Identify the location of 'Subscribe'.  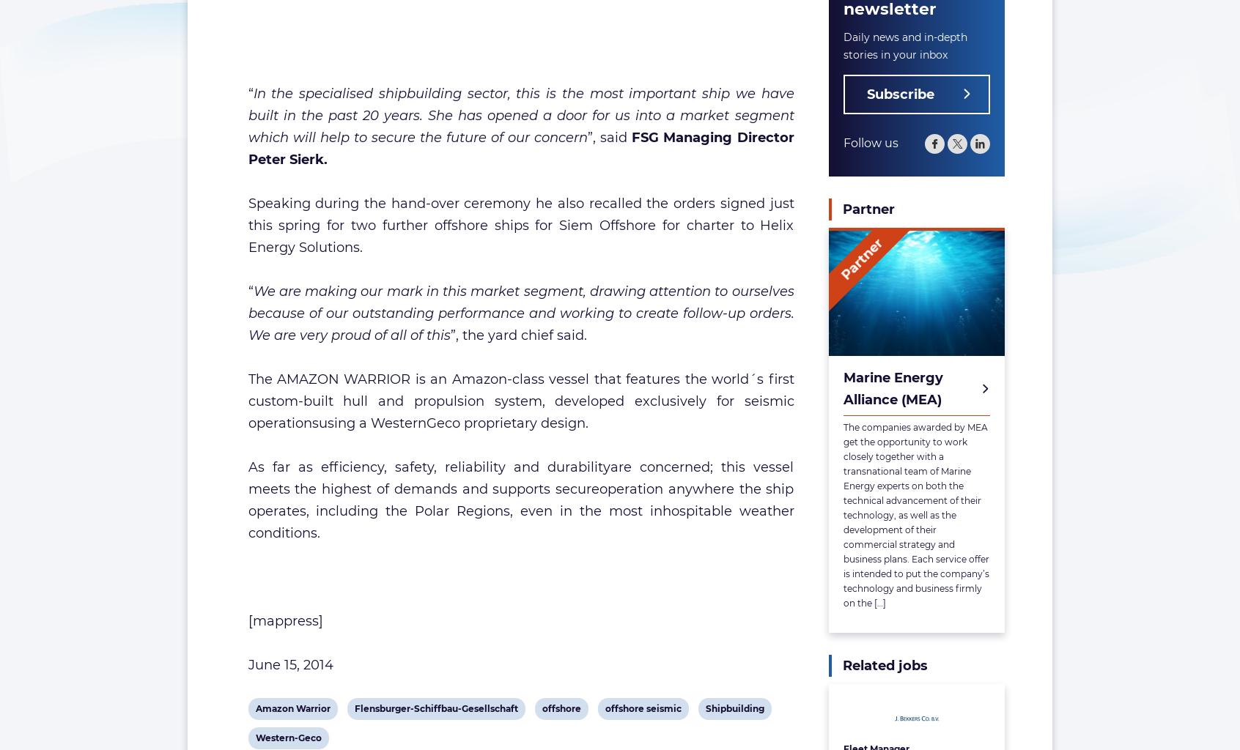
(901, 94).